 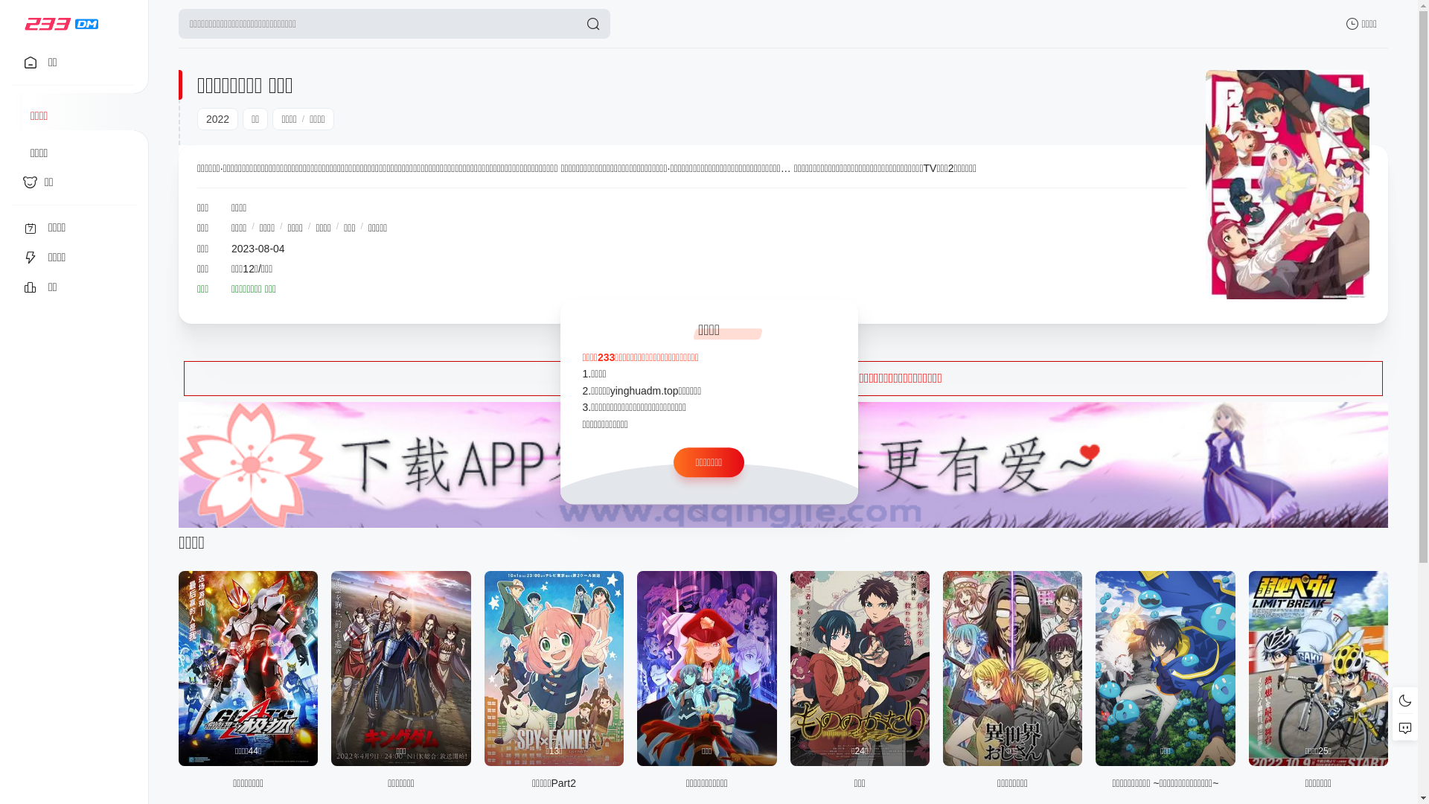 I want to click on '2022', so click(x=217, y=118).